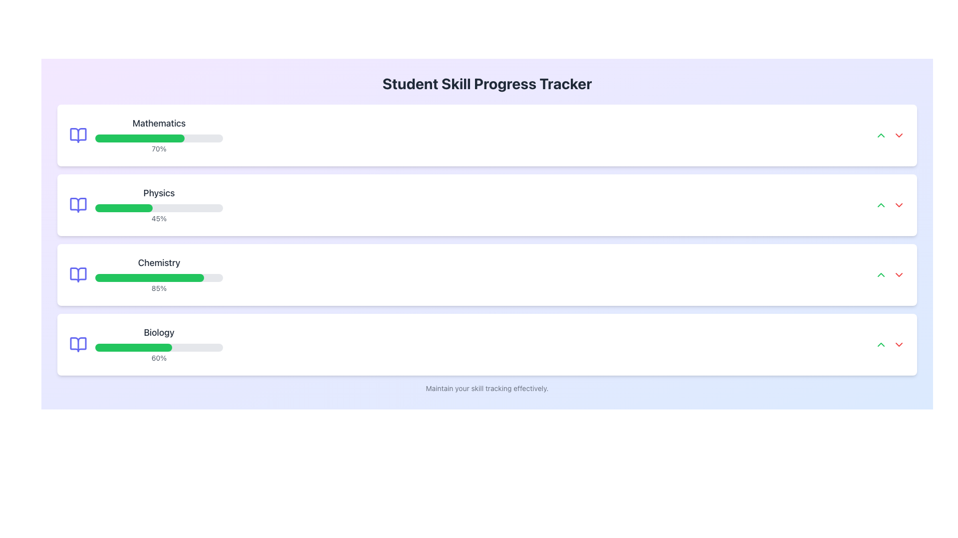 This screenshot has height=538, width=958. What do you see at coordinates (158, 274) in the screenshot?
I see `the progress bar for 'Chemistry' that indicates 85% completion, which is the third progress tracker in the list` at bounding box center [158, 274].